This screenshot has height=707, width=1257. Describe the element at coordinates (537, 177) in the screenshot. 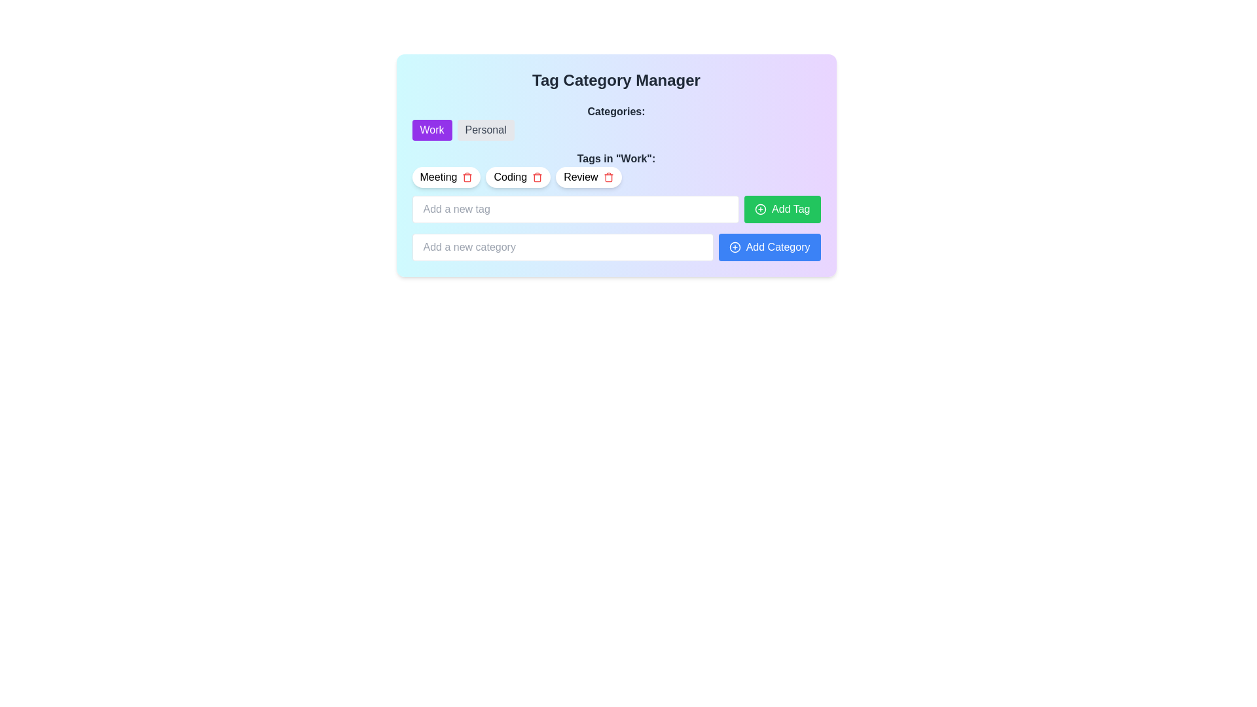

I see `the delete icon button for the 'Coding' tag located next to the 'Coding' text in the 'Tags in Work' section` at that location.